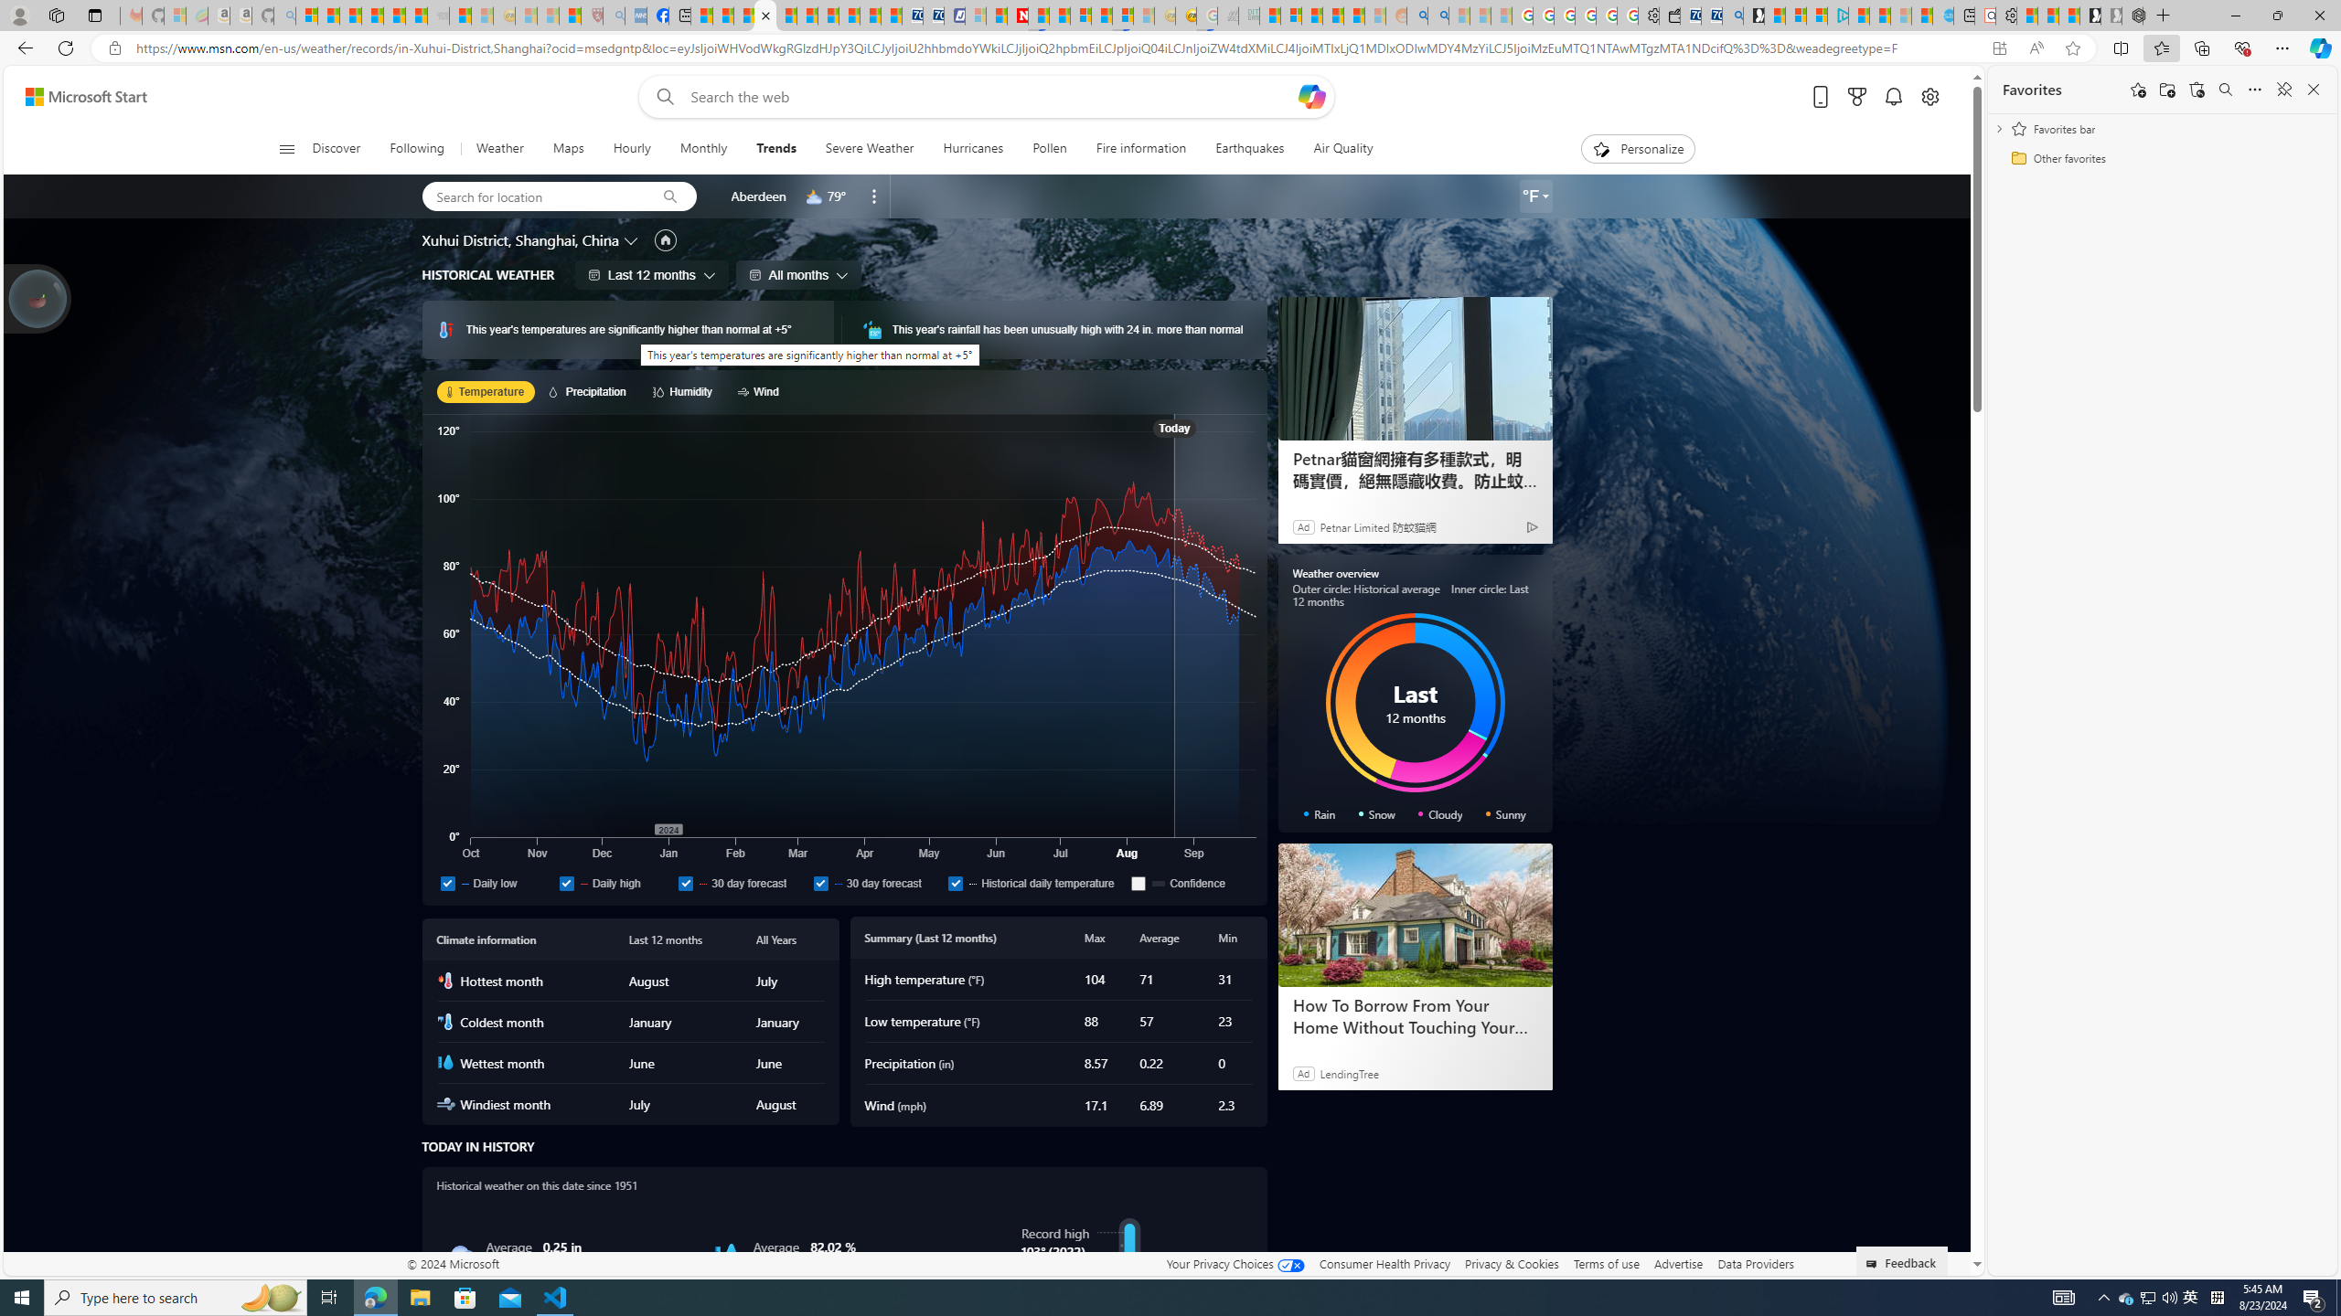 The image size is (2341, 1316). What do you see at coordinates (1249, 148) in the screenshot?
I see `'Earthquakes'` at bounding box center [1249, 148].